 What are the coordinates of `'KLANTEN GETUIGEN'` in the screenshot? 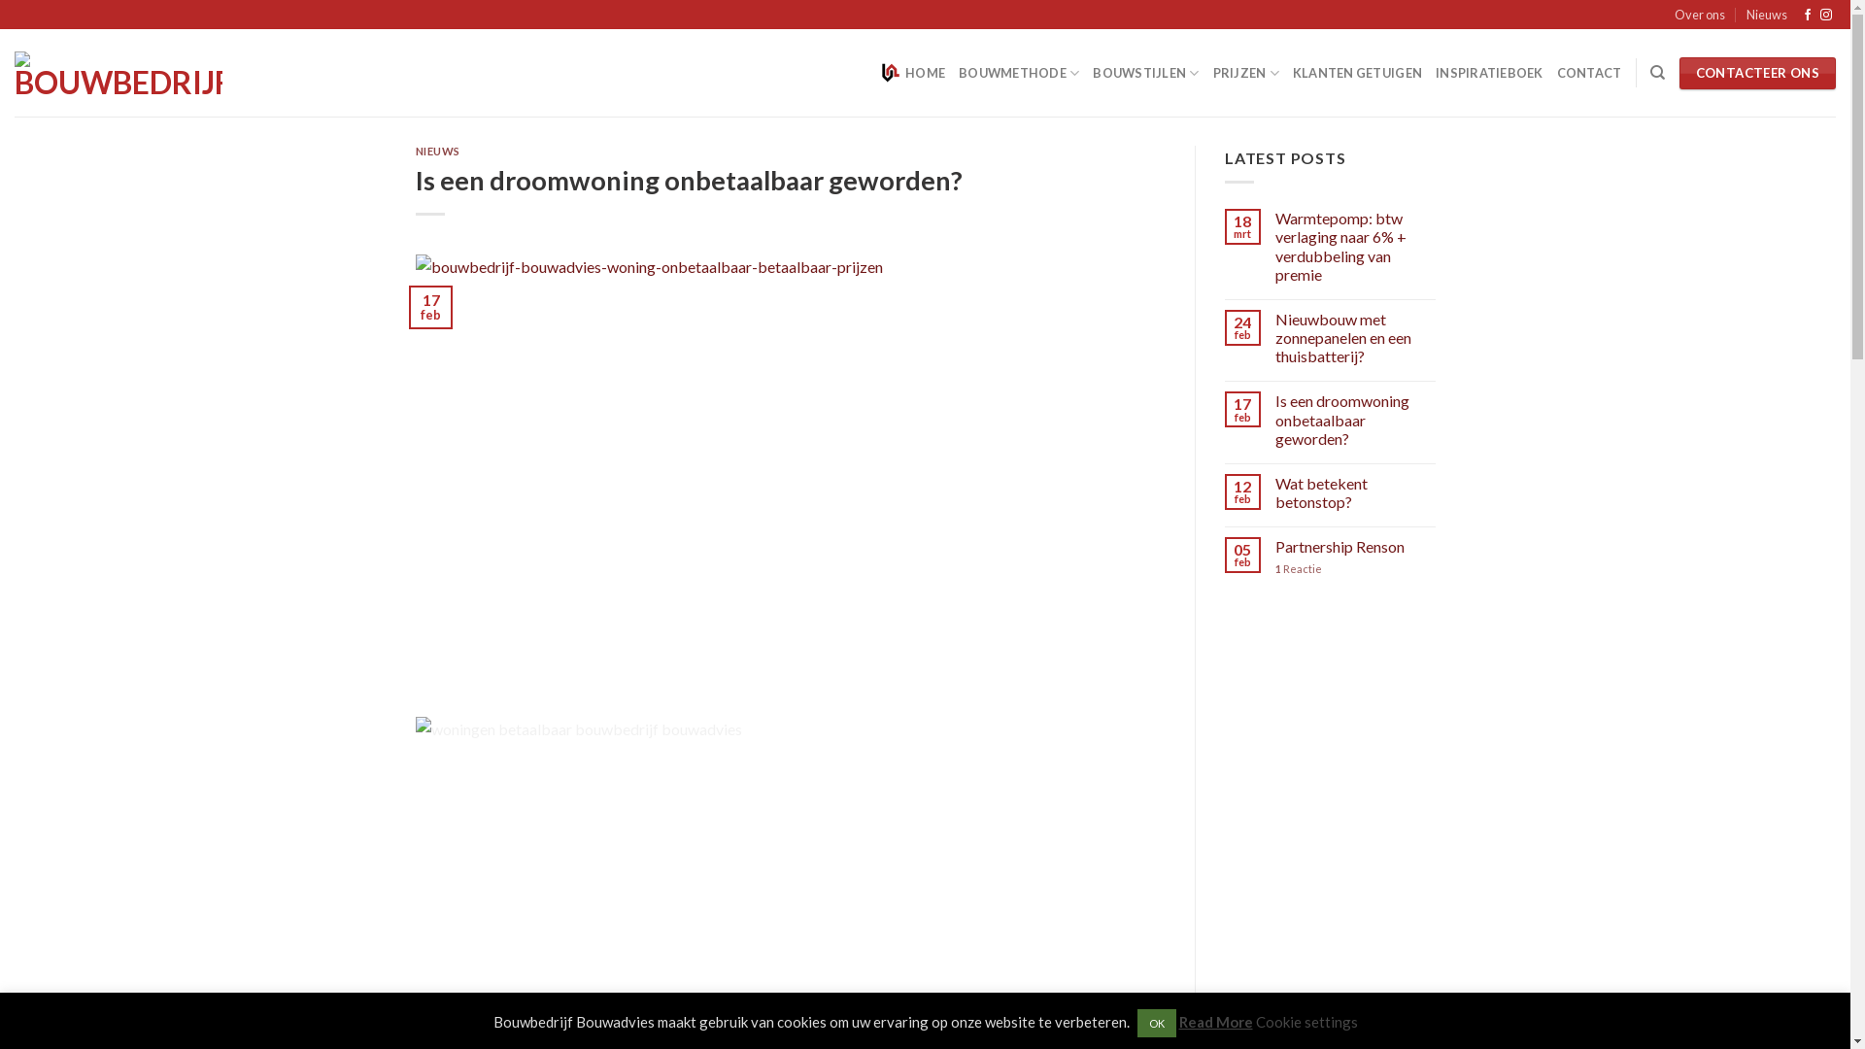 It's located at (1356, 71).